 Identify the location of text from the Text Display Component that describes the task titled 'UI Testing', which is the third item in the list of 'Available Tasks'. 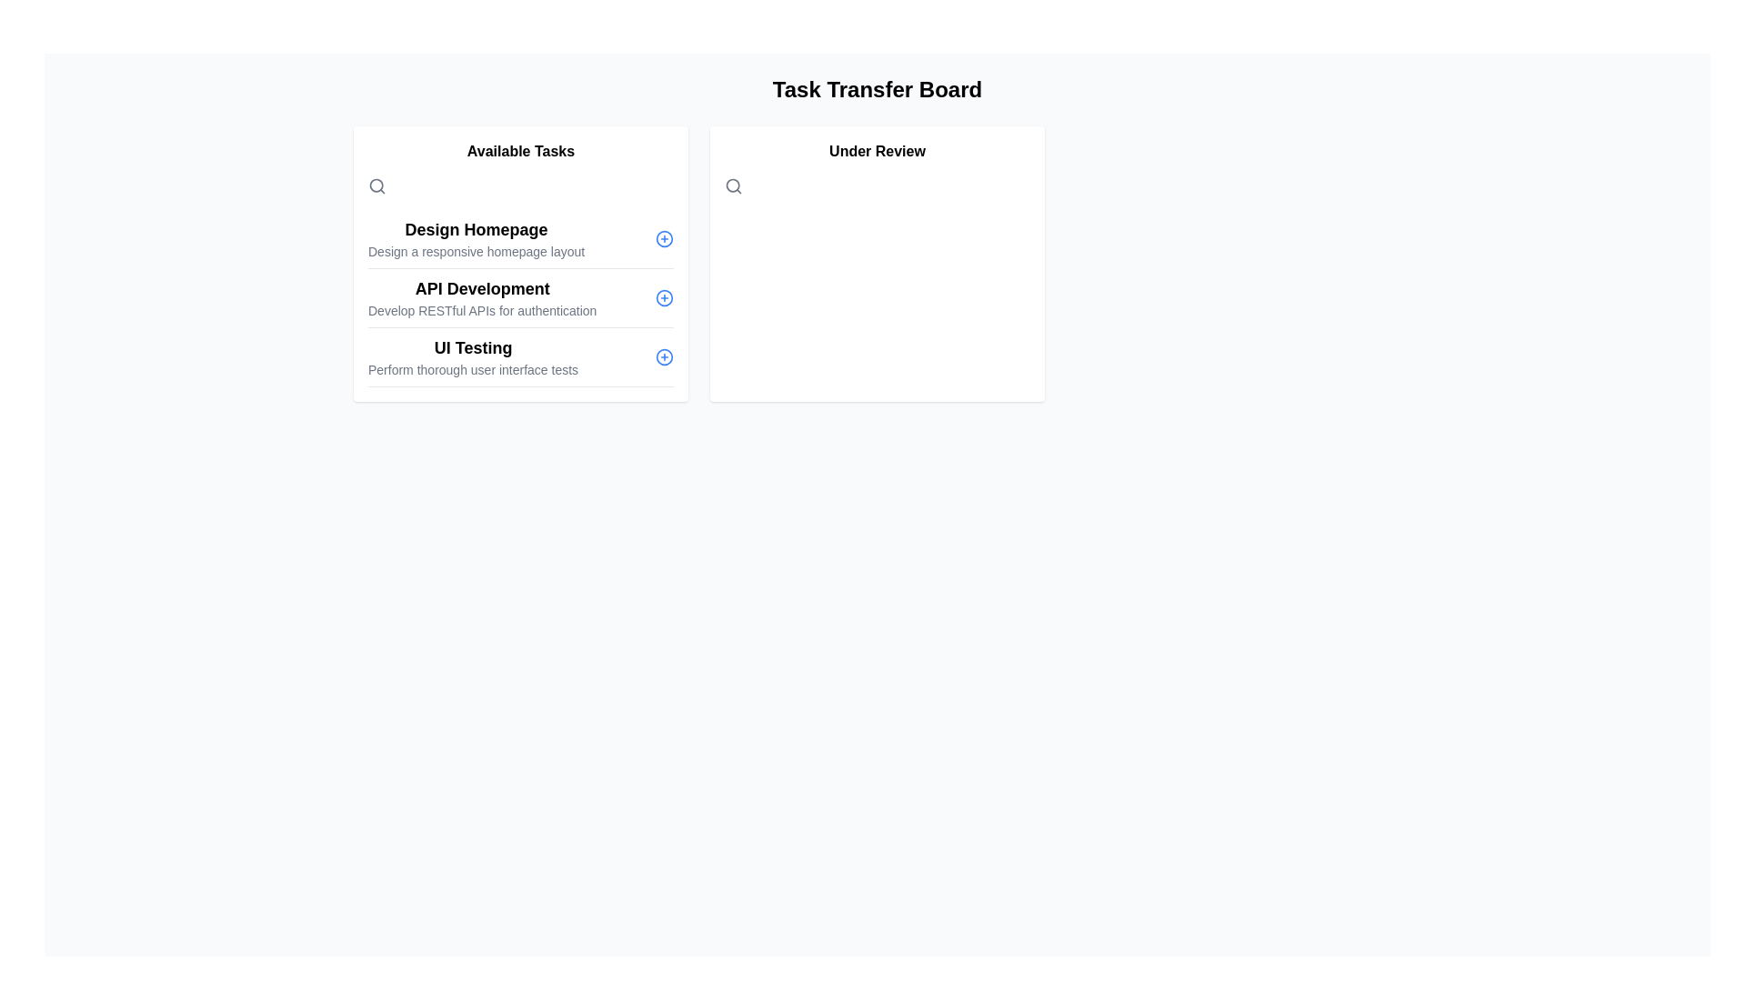
(473, 357).